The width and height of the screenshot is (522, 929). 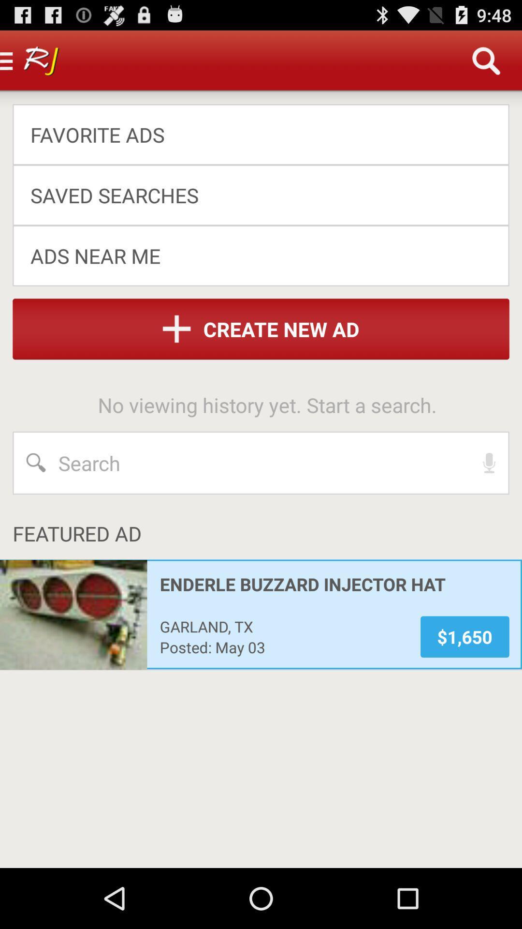 What do you see at coordinates (254, 134) in the screenshot?
I see `the favorite ads app` at bounding box center [254, 134].